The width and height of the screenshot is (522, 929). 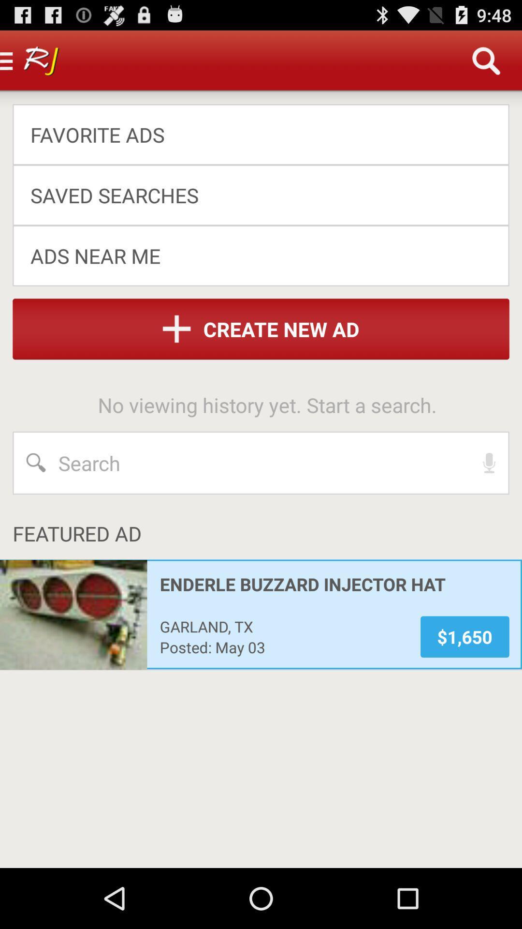 What do you see at coordinates (254, 134) in the screenshot?
I see `the favorite ads app` at bounding box center [254, 134].